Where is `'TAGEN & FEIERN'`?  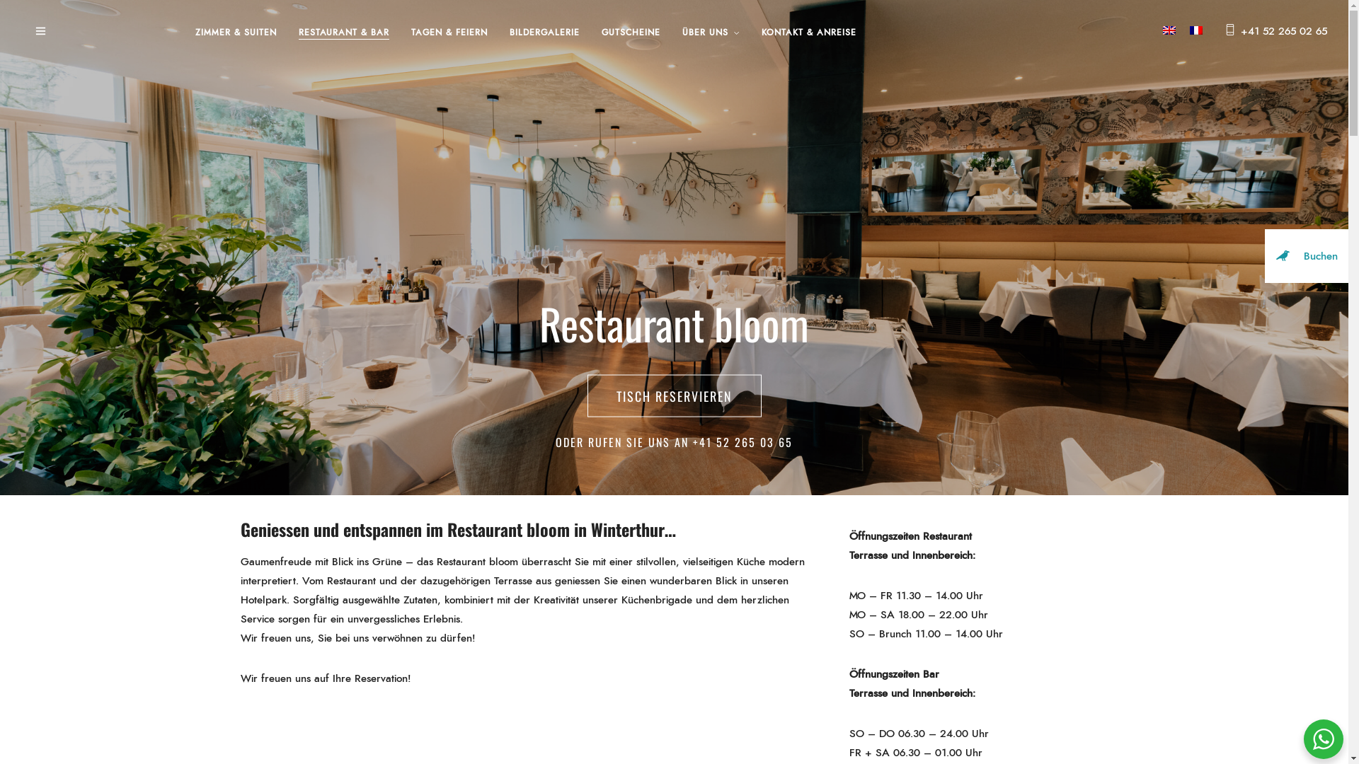 'TAGEN & FEIERN' is located at coordinates (447, 32).